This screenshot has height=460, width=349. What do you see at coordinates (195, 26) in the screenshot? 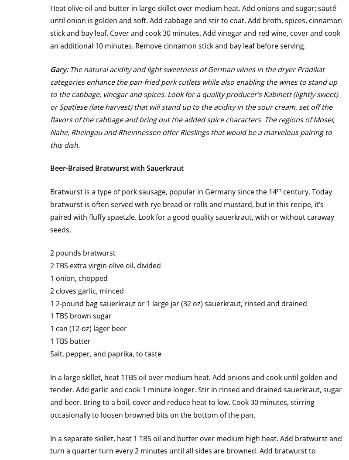
I see `'Heat olive oil and butter in large skillet over medium heat. Add onions and sugar; sauté until onion is golden and soft. Add cabbage and stir to coat. Add broth, spices, cinnamon stick and bay leaf. Cover and cook 30 minutes. Add vinegar and red wine, cover and cook an additional 10 minutes. Remove cinnamon stick and bay leaf before serving.'` at bounding box center [195, 26].